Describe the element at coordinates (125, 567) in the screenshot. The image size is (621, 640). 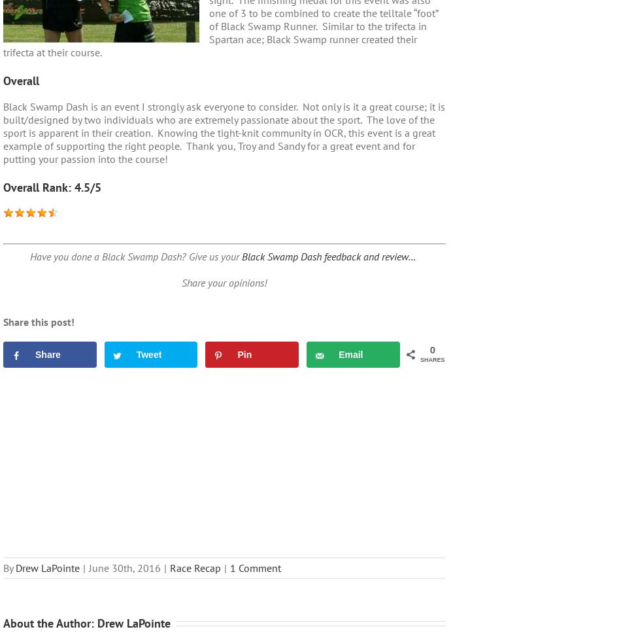
I see `'June 30th, 2016'` at that location.